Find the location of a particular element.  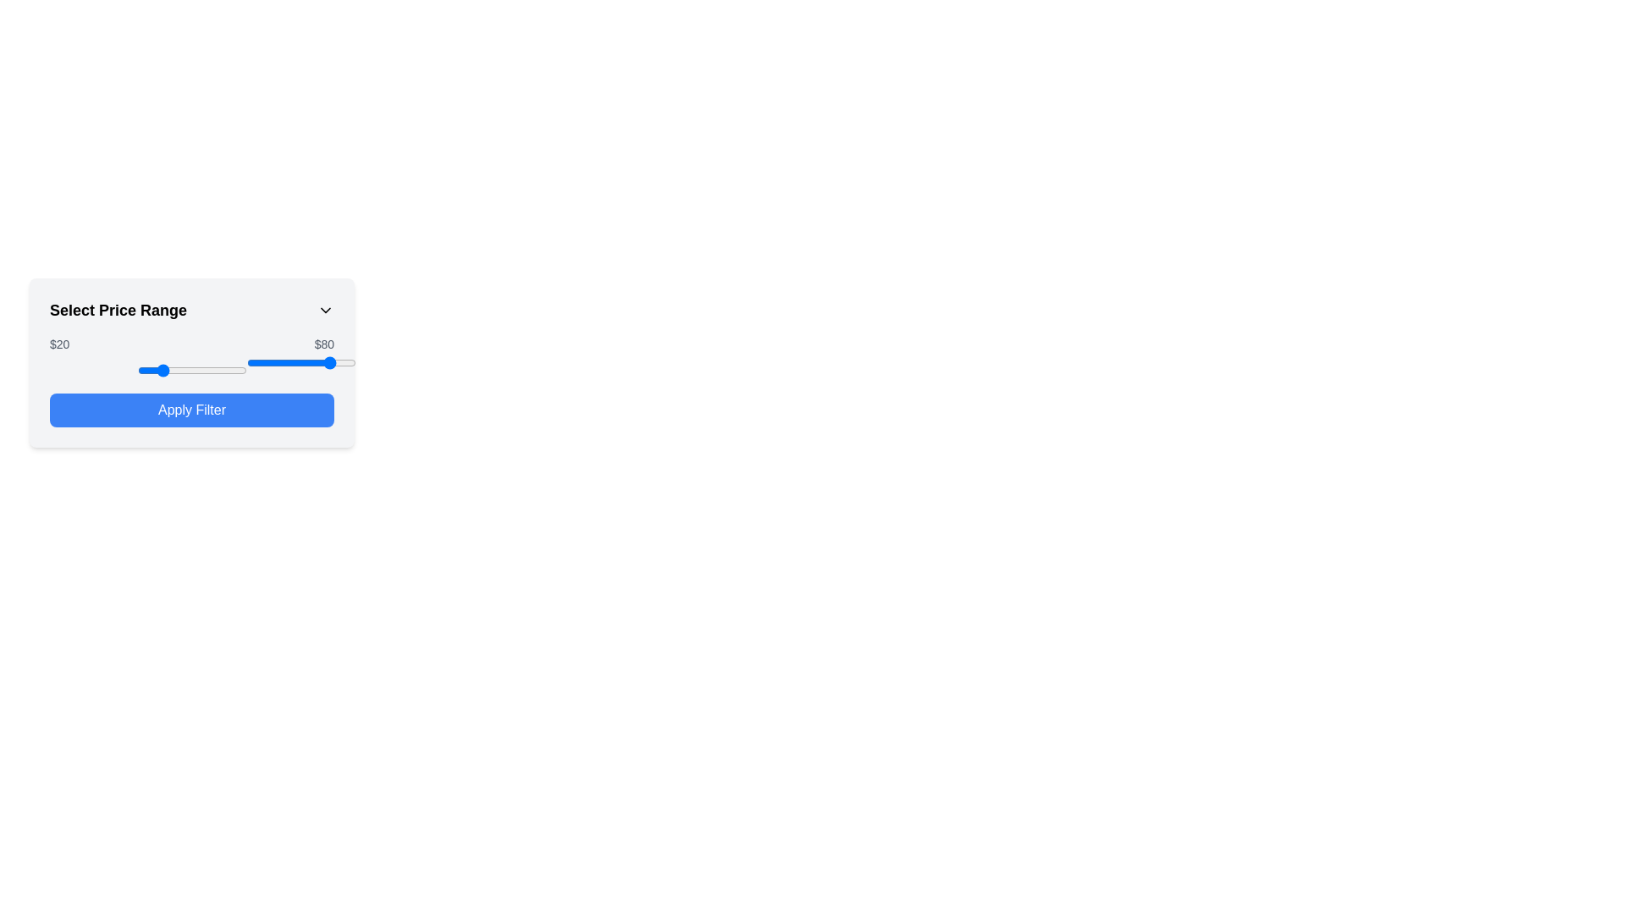

the slider value is located at coordinates (234, 370).